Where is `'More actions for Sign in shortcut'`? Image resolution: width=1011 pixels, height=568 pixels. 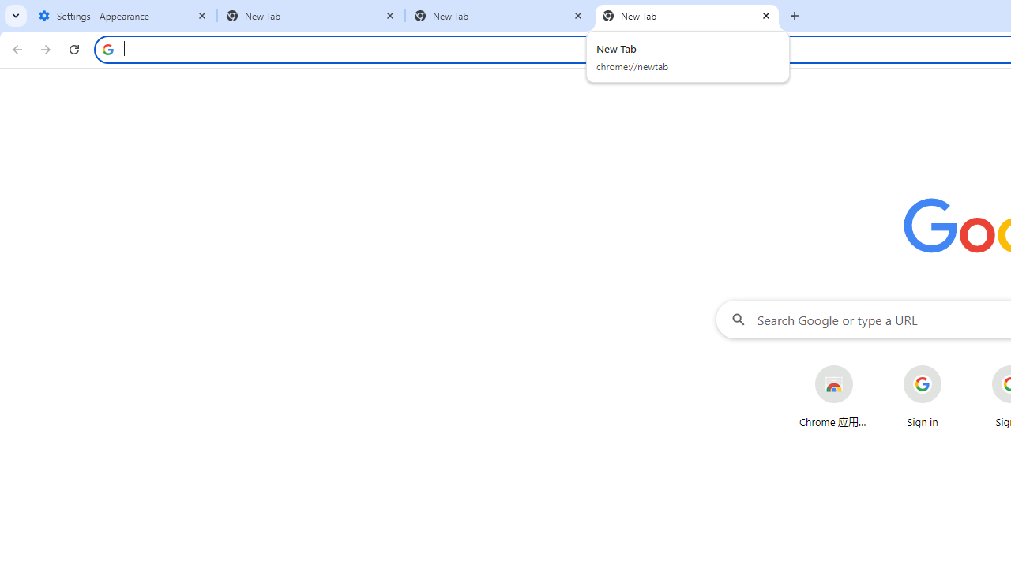 'More actions for Sign in shortcut' is located at coordinates (953, 366).